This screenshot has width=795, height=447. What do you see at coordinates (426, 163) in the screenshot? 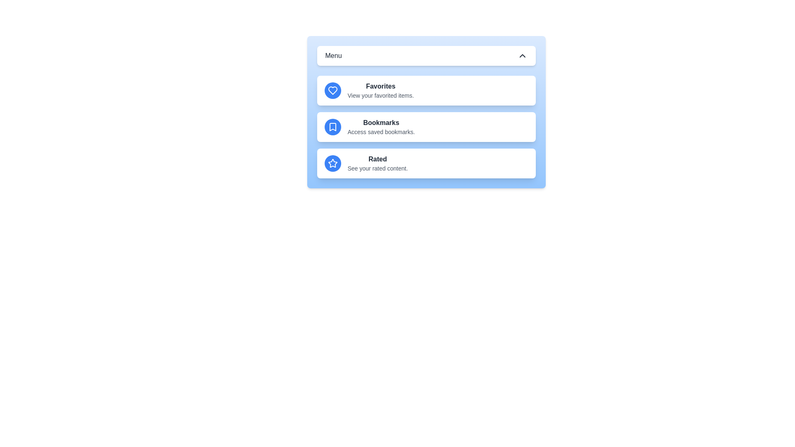
I see `the menu item Rated` at bounding box center [426, 163].